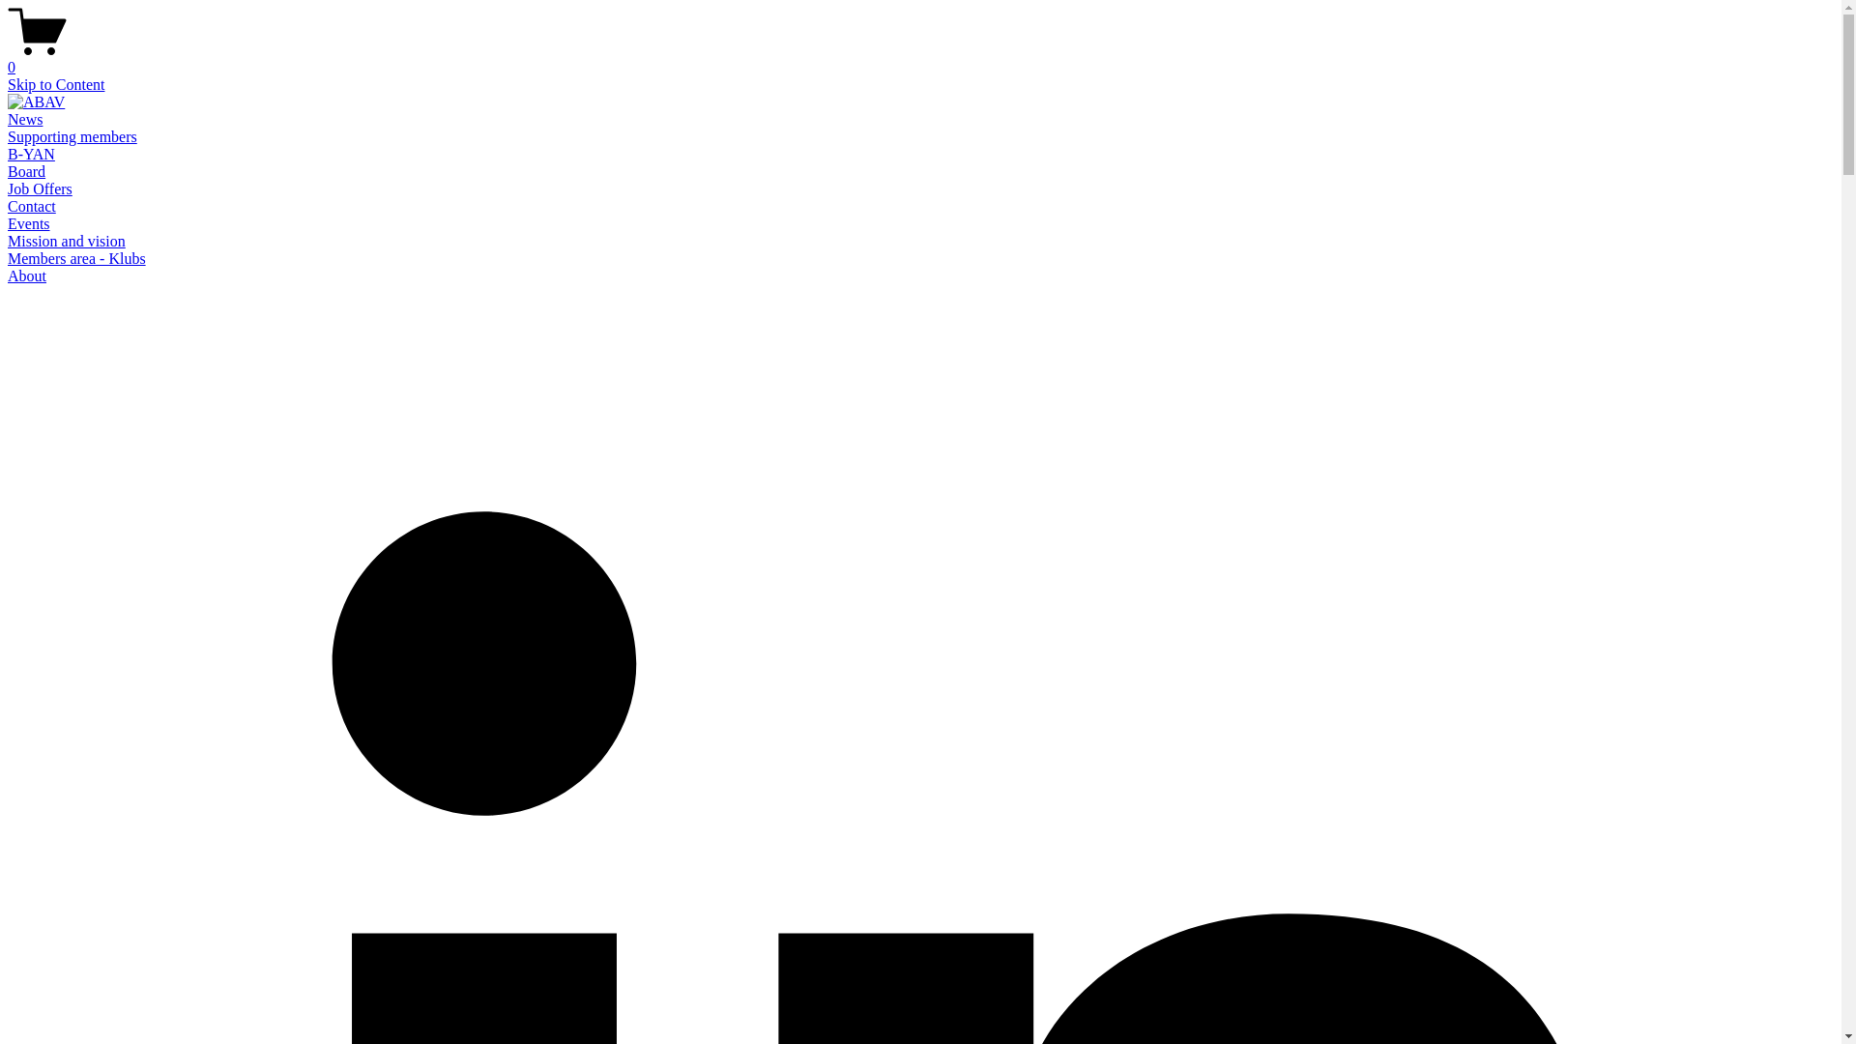  Describe the element at coordinates (66, 240) in the screenshot. I see `'Mission and vision'` at that location.